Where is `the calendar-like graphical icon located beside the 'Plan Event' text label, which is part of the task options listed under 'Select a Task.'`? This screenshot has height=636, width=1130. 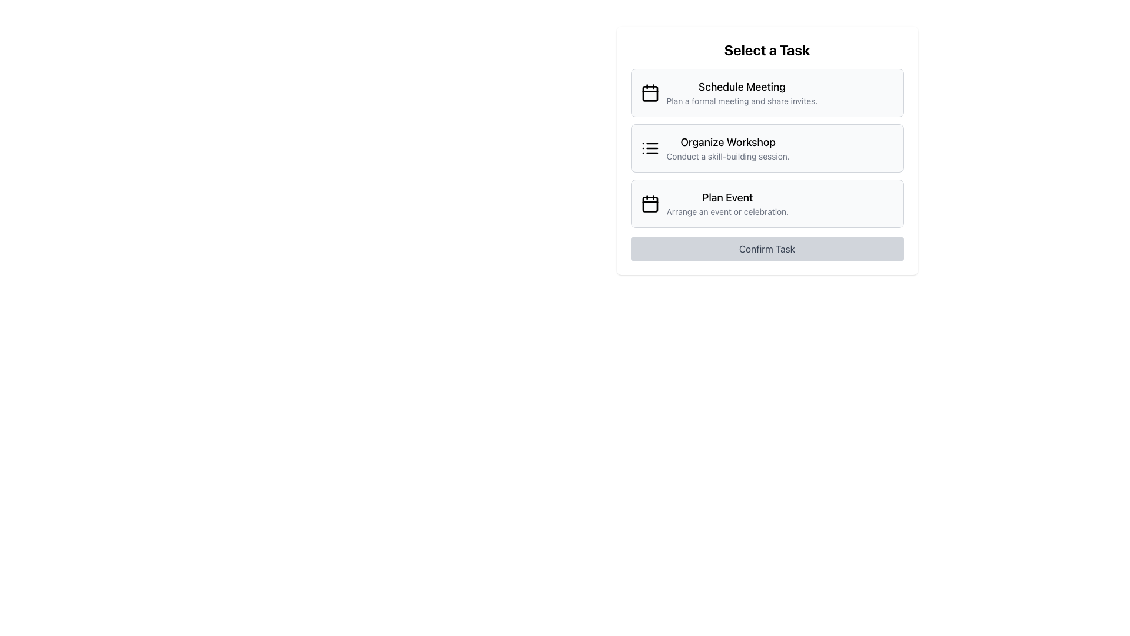 the calendar-like graphical icon located beside the 'Plan Event' text label, which is part of the task options listed under 'Select a Task.' is located at coordinates (649, 204).